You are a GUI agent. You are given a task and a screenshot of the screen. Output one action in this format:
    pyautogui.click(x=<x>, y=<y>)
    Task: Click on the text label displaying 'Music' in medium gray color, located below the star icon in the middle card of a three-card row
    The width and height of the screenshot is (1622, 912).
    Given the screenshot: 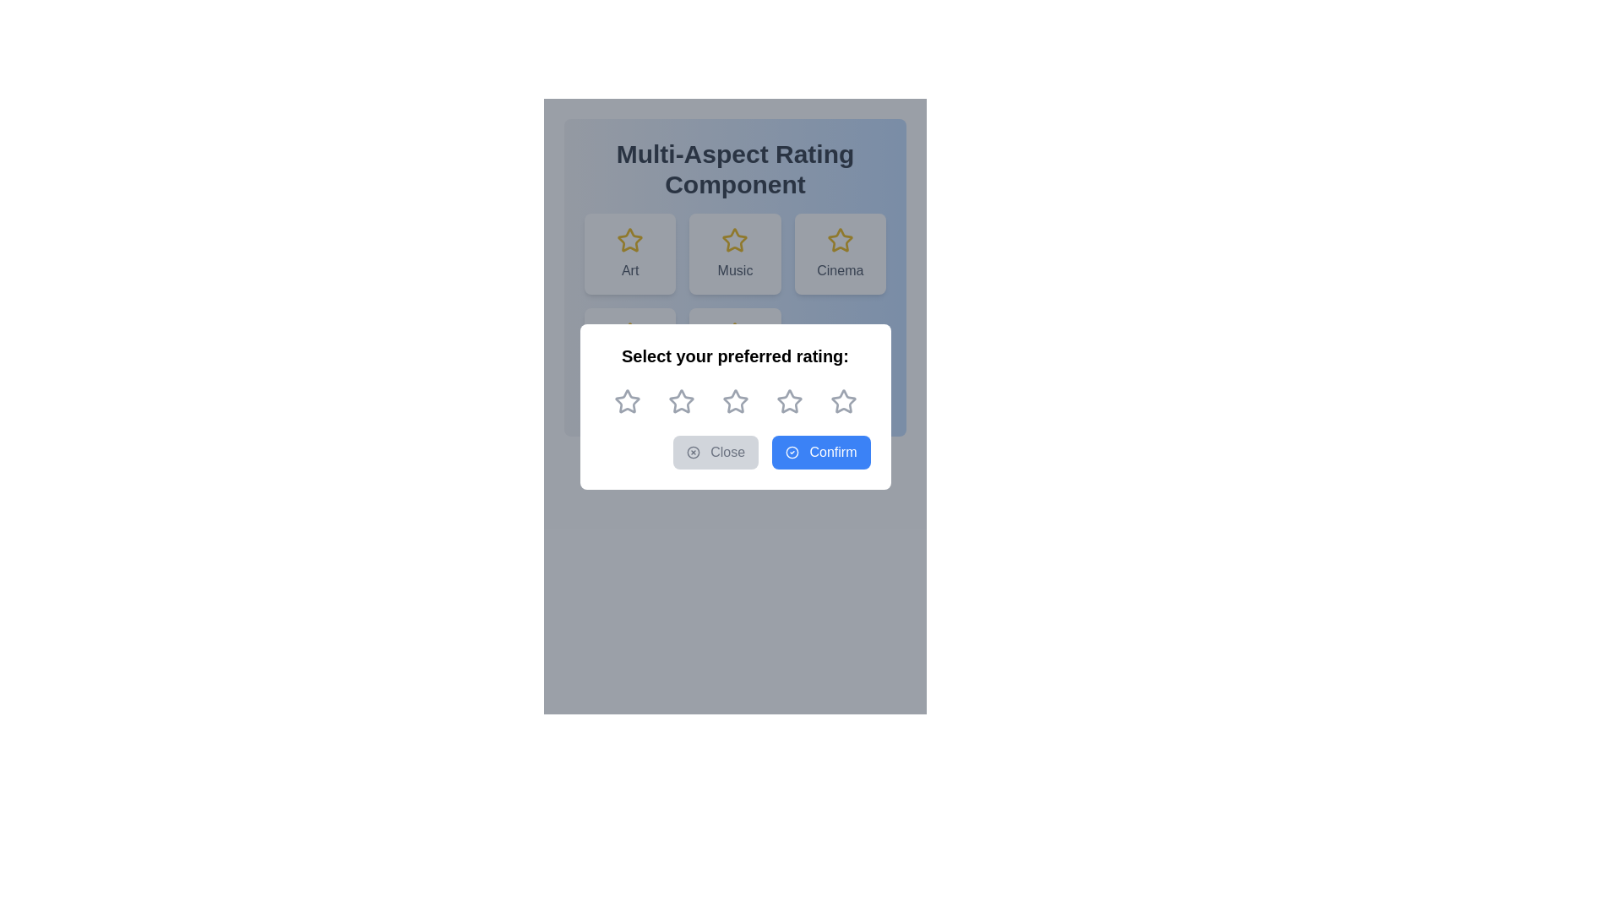 What is the action you would take?
    pyautogui.click(x=735, y=269)
    